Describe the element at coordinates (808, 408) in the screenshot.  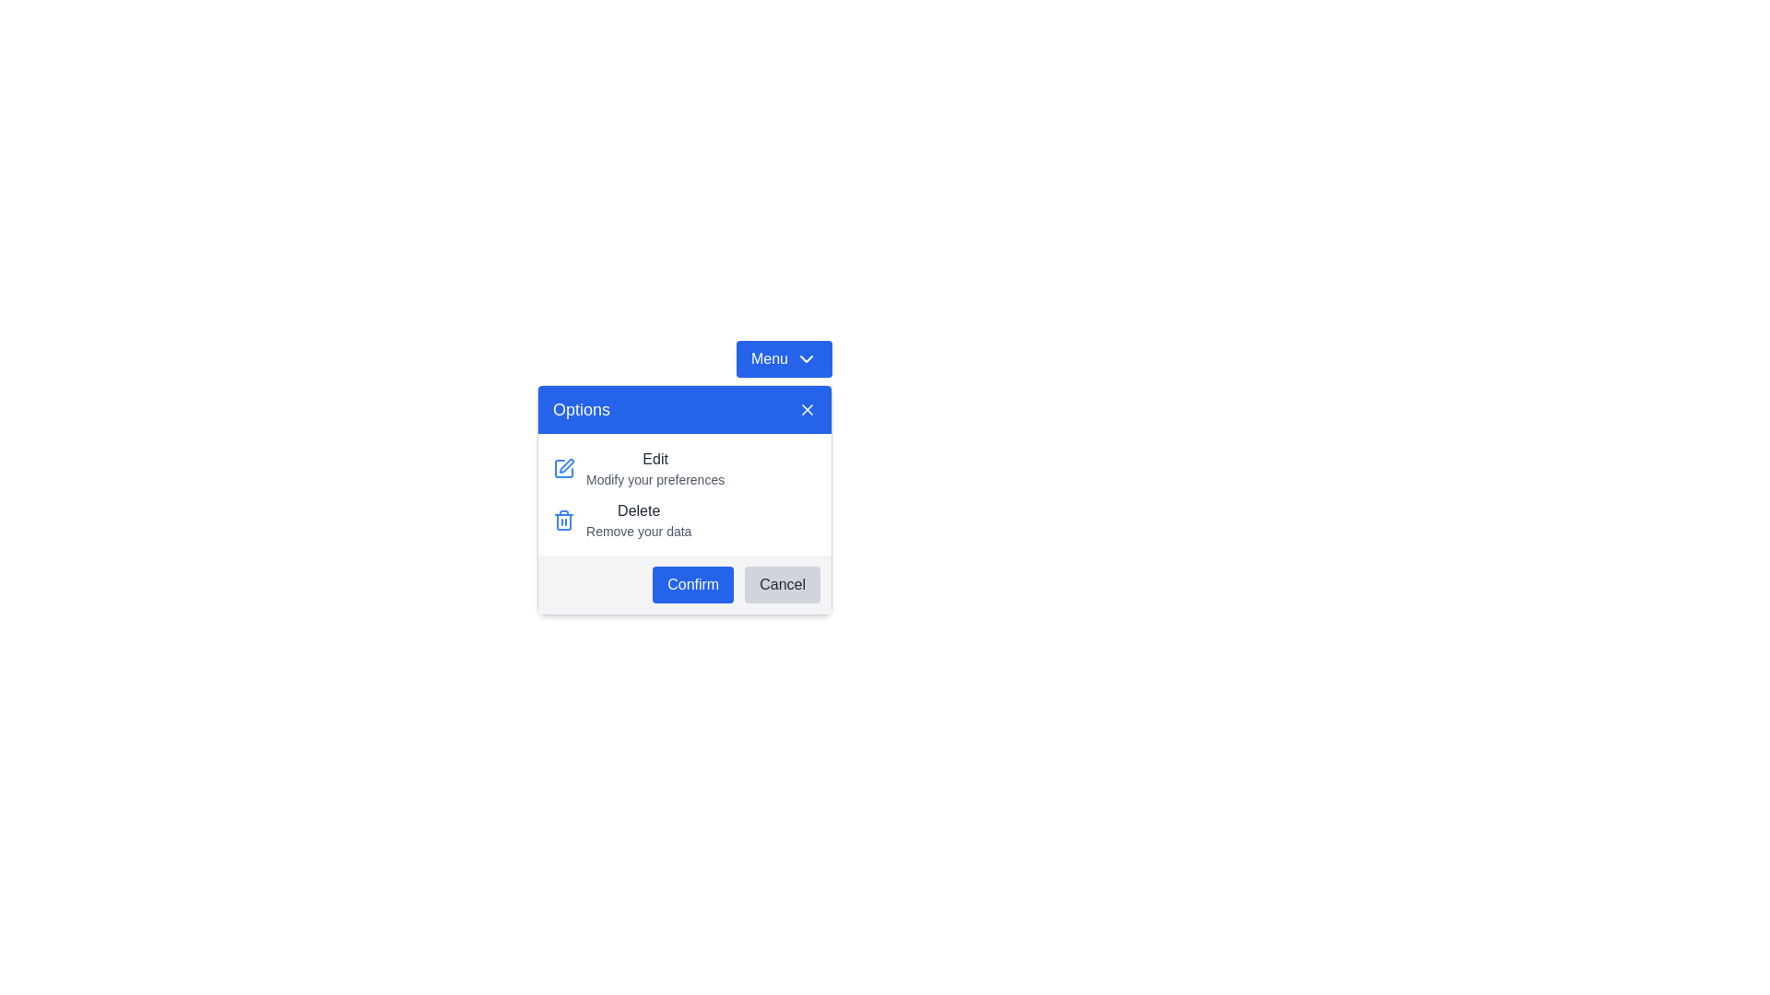
I see `the close icon button located in the top-right corner of the 'Options' popup` at that location.